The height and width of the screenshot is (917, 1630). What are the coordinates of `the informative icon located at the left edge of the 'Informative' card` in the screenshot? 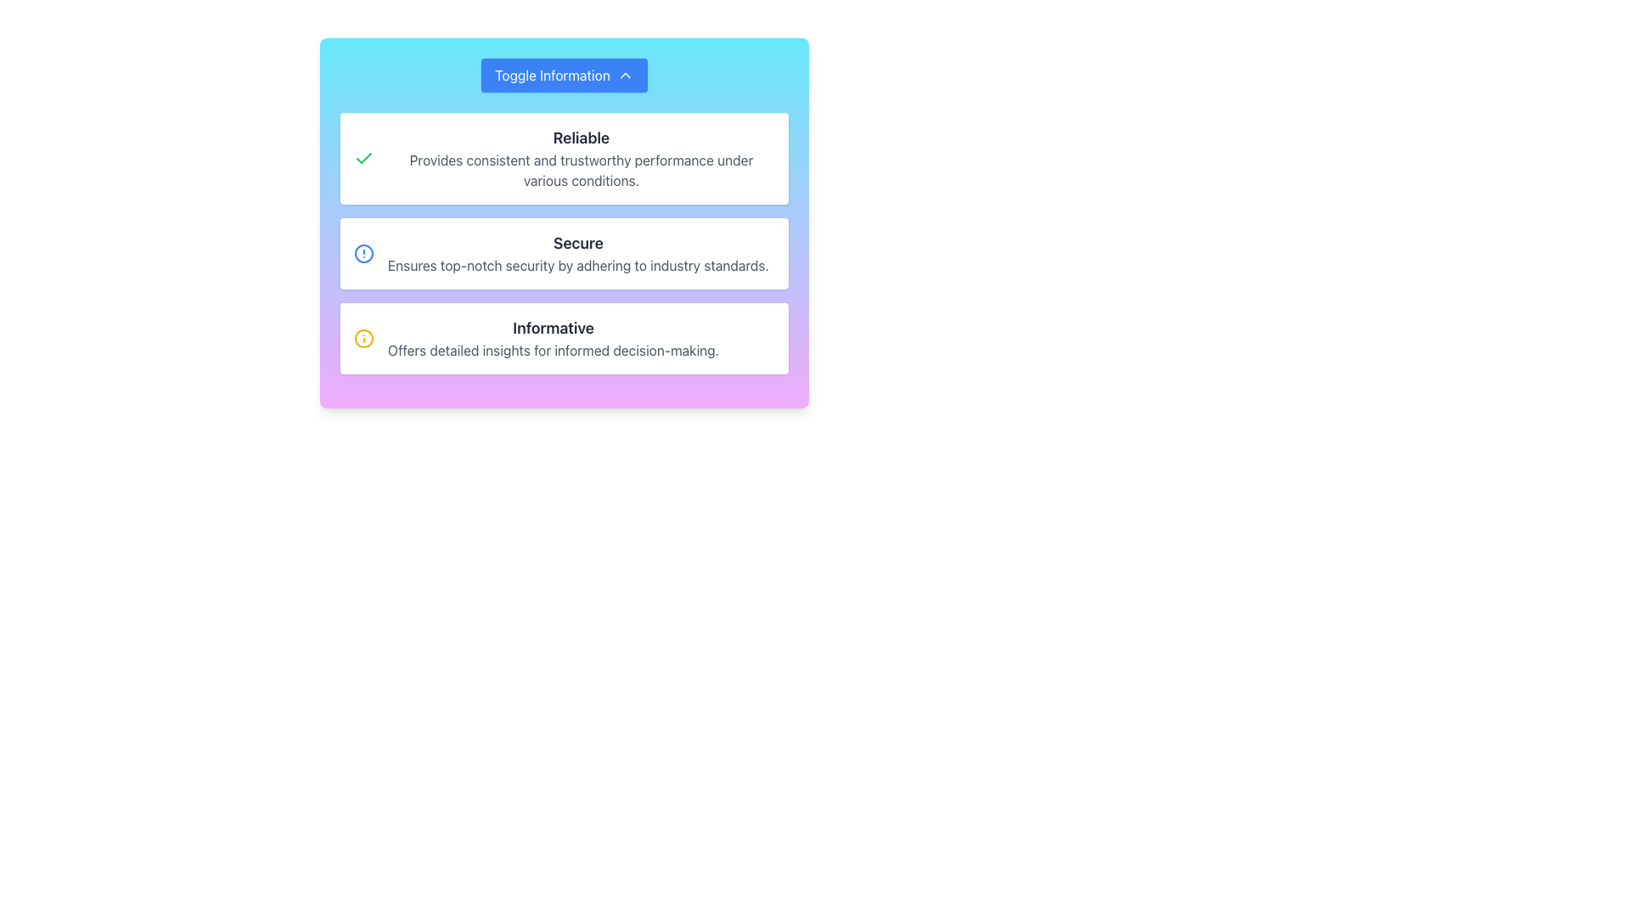 It's located at (363, 338).